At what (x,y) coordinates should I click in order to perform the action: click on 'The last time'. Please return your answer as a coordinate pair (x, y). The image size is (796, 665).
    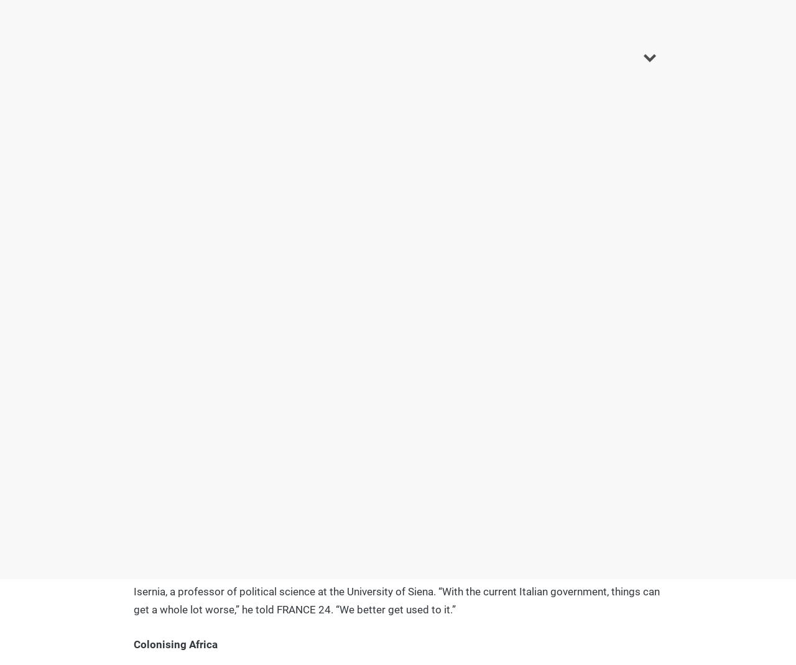
    Looking at the image, I should click on (164, 251).